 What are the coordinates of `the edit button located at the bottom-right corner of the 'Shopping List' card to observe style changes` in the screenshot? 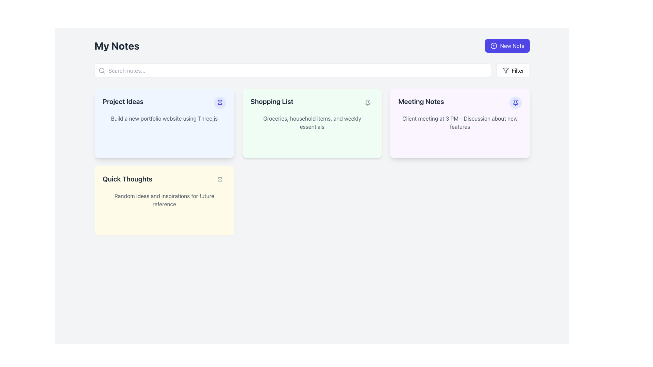 It's located at (354, 144).